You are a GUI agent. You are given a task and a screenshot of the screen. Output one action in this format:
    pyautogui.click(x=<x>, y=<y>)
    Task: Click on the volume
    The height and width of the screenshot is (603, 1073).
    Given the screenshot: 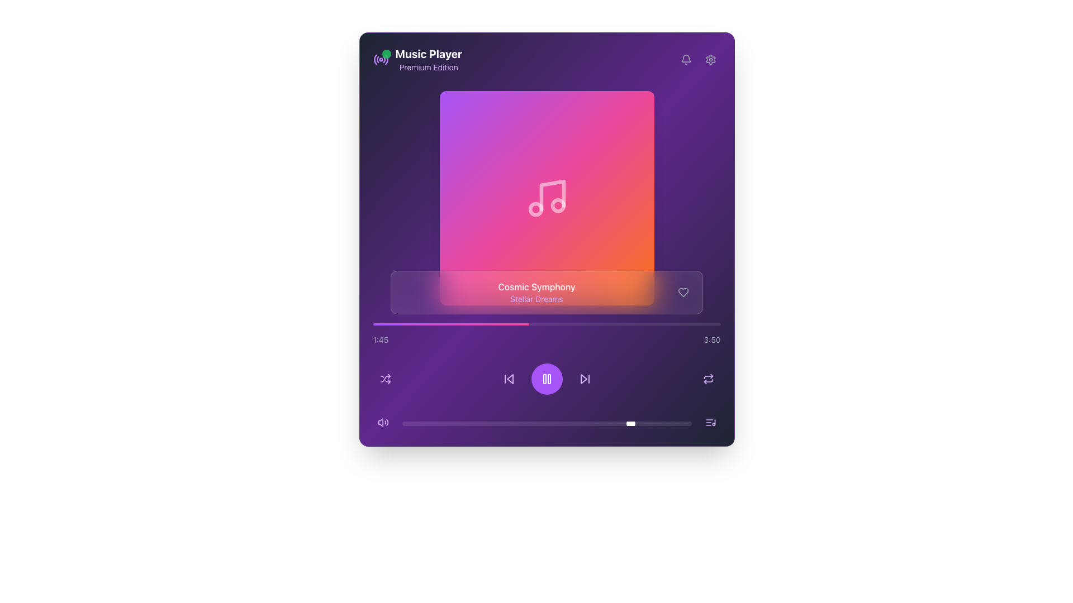 What is the action you would take?
    pyautogui.click(x=424, y=424)
    